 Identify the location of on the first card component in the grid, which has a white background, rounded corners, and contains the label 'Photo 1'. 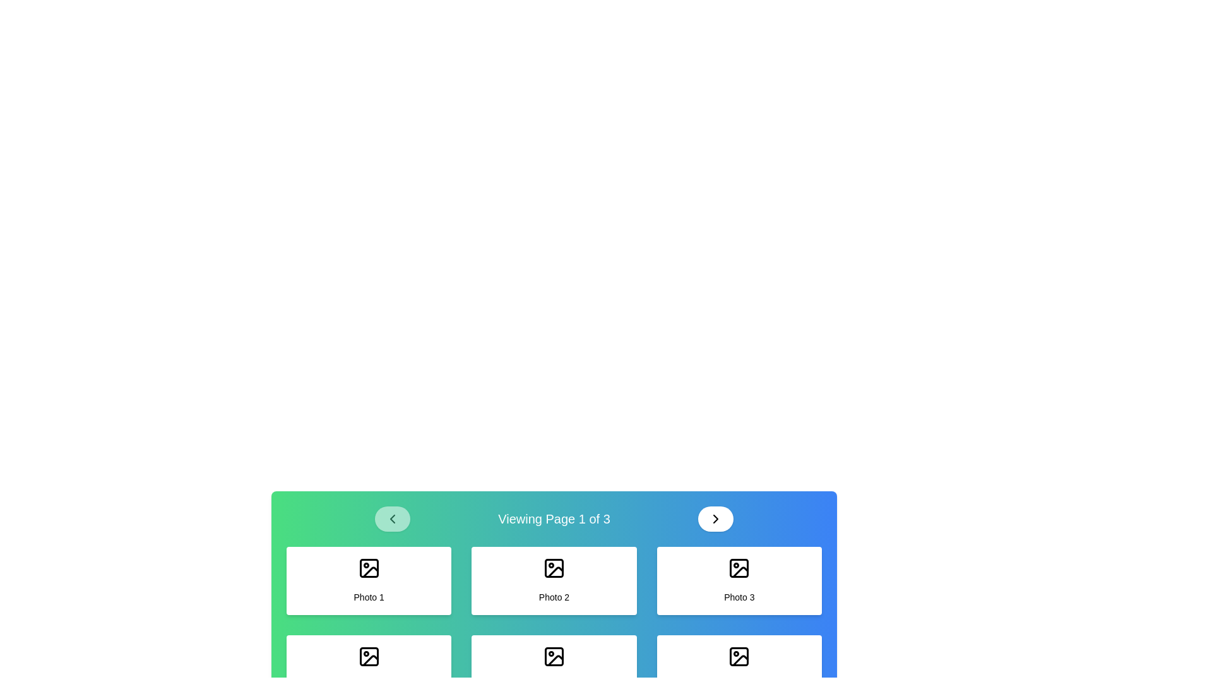
(368, 581).